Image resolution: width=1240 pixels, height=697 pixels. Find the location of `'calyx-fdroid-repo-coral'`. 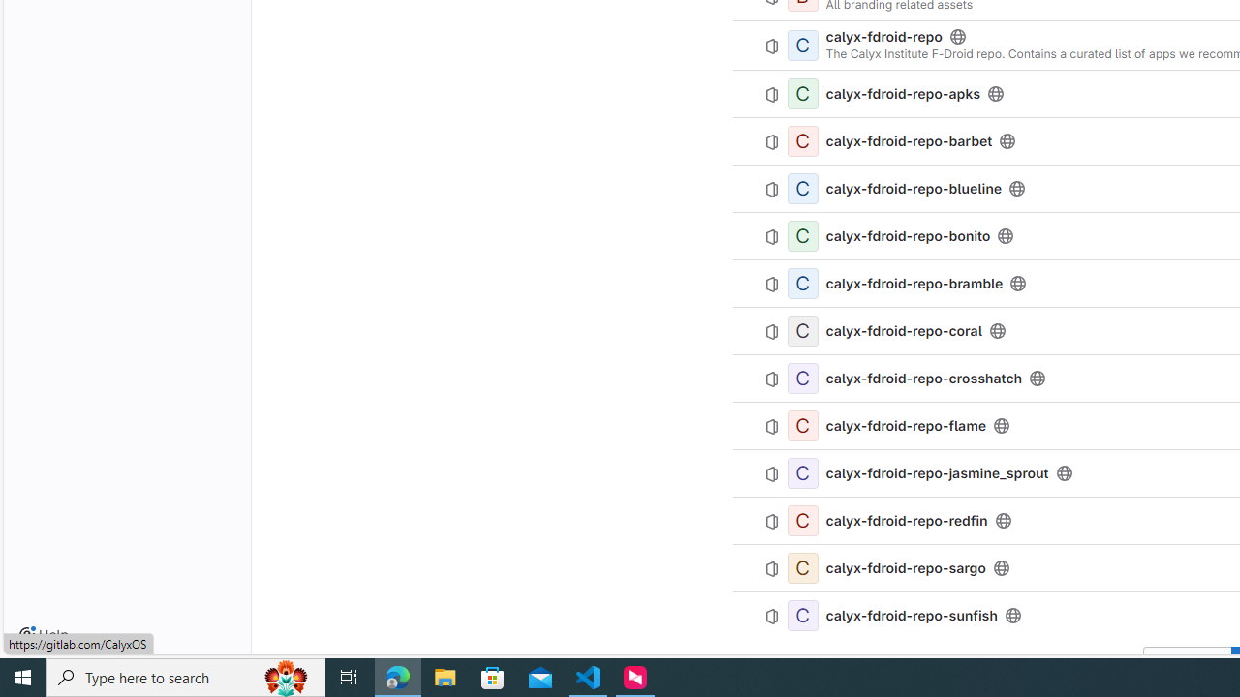

'calyx-fdroid-repo-coral' is located at coordinates (903, 330).